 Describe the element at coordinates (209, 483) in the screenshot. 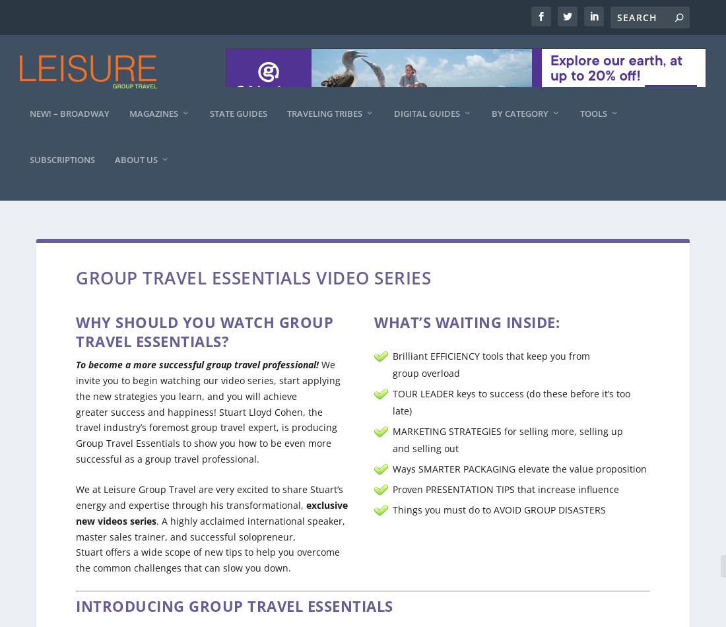

I see `'We at Leisure Group Travel are very excited to share Stuart’s energy and expertise through his transformational,'` at that location.